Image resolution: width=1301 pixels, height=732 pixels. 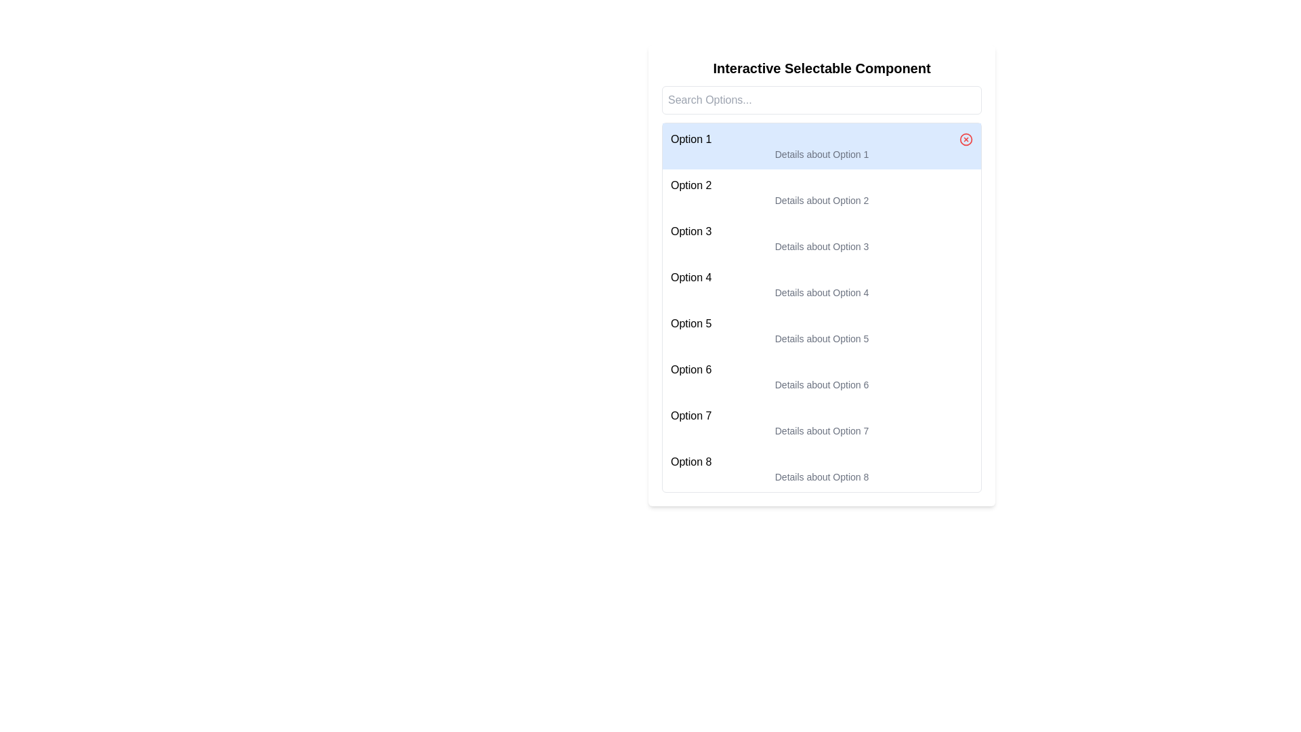 I want to click on the list item labeled 'Option 7', so click(x=821, y=422).